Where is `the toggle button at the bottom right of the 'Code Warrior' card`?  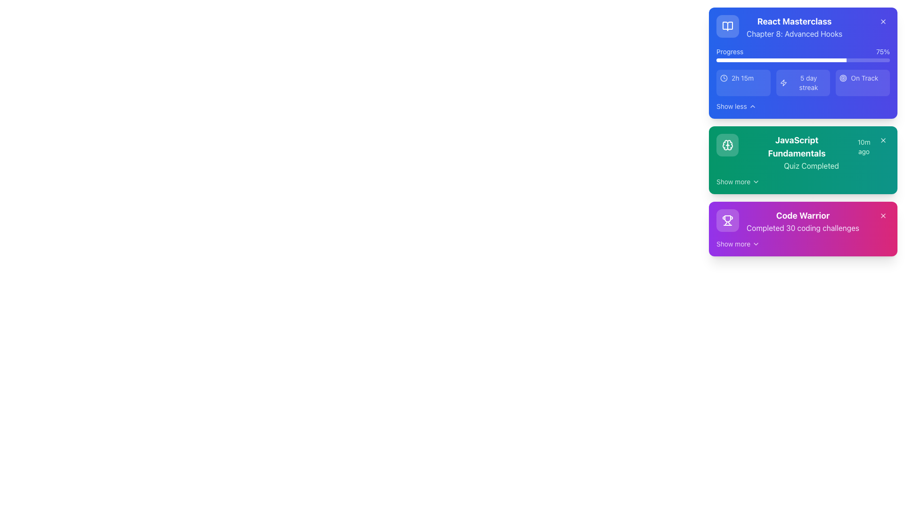
the toggle button at the bottom right of the 'Code Warrior' card is located at coordinates (738, 243).